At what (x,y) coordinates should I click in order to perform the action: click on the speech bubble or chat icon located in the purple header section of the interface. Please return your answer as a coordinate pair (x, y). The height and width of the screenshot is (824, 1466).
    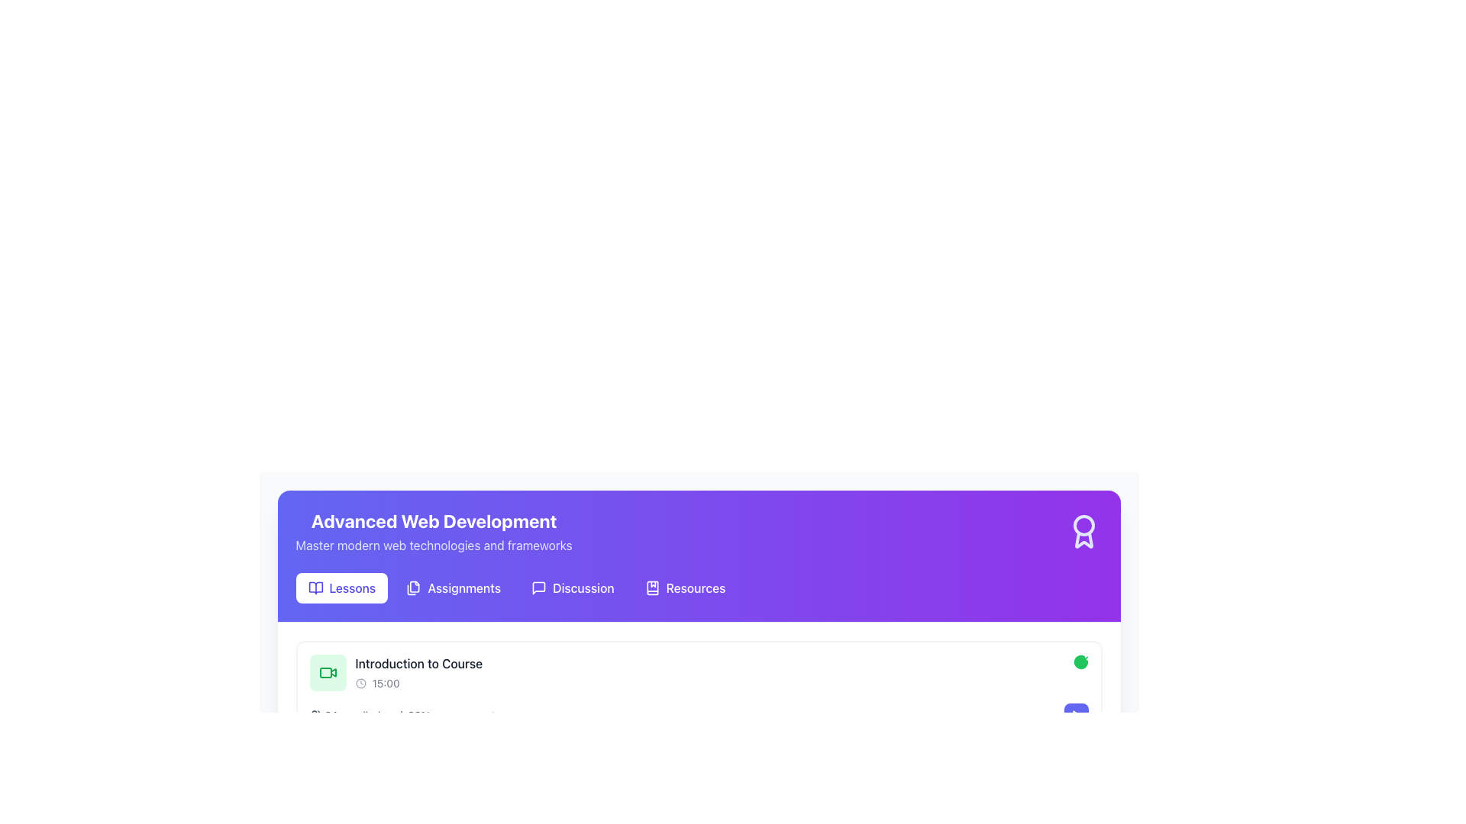
    Looking at the image, I should click on (539, 587).